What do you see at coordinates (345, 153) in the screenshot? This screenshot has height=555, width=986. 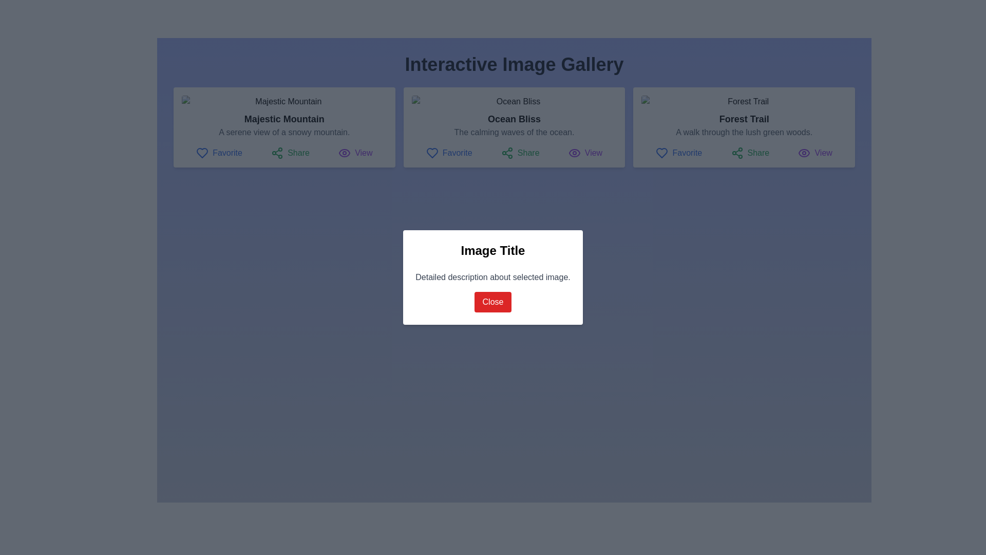 I see `the purple eye icon located at the bottom-right corner of the first card in the 'Interactive Image Gallery', adjacent to the 'View' text` at bounding box center [345, 153].